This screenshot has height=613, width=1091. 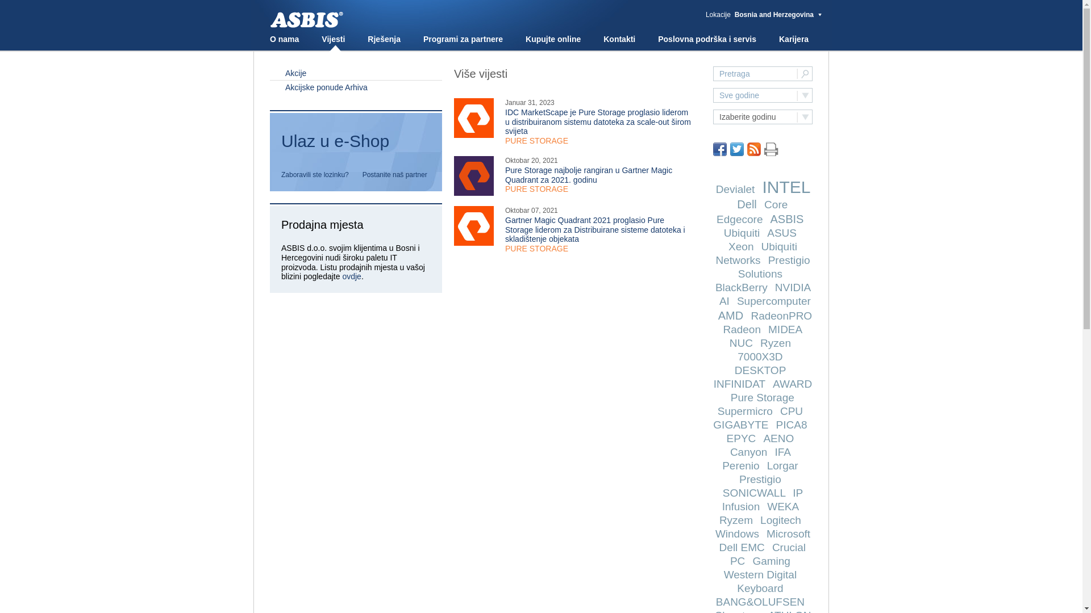 I want to click on 'Windows', so click(x=737, y=534).